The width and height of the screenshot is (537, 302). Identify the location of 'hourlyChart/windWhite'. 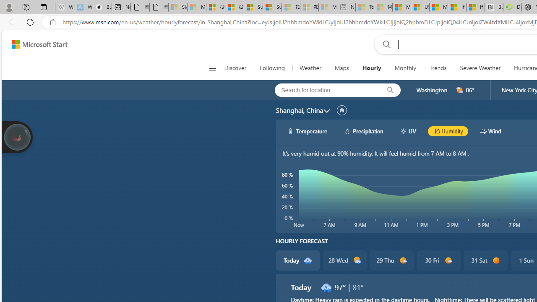
(483, 131).